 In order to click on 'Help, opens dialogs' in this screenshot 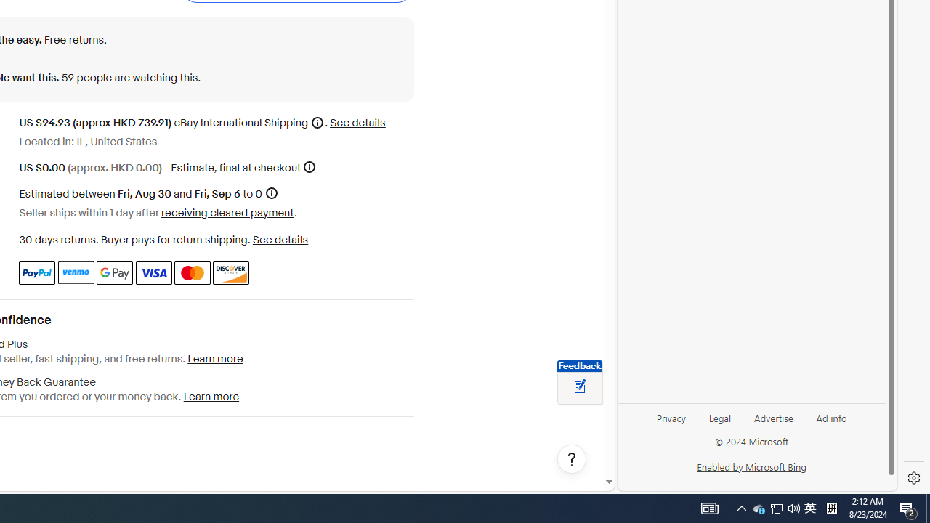, I will do `click(571, 459)`.